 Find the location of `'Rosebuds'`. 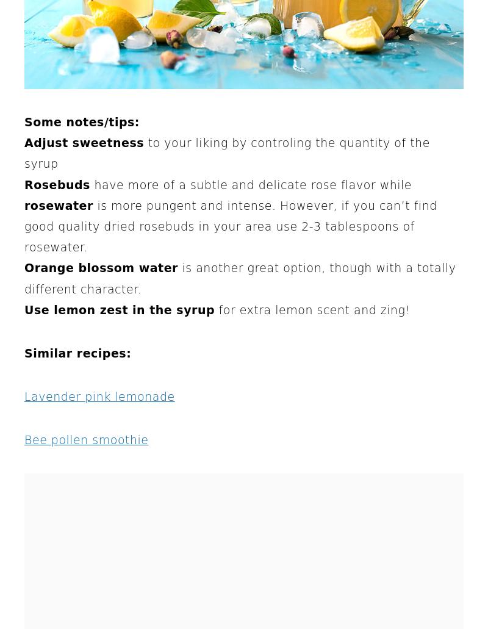

'Rosebuds' is located at coordinates (24, 184).